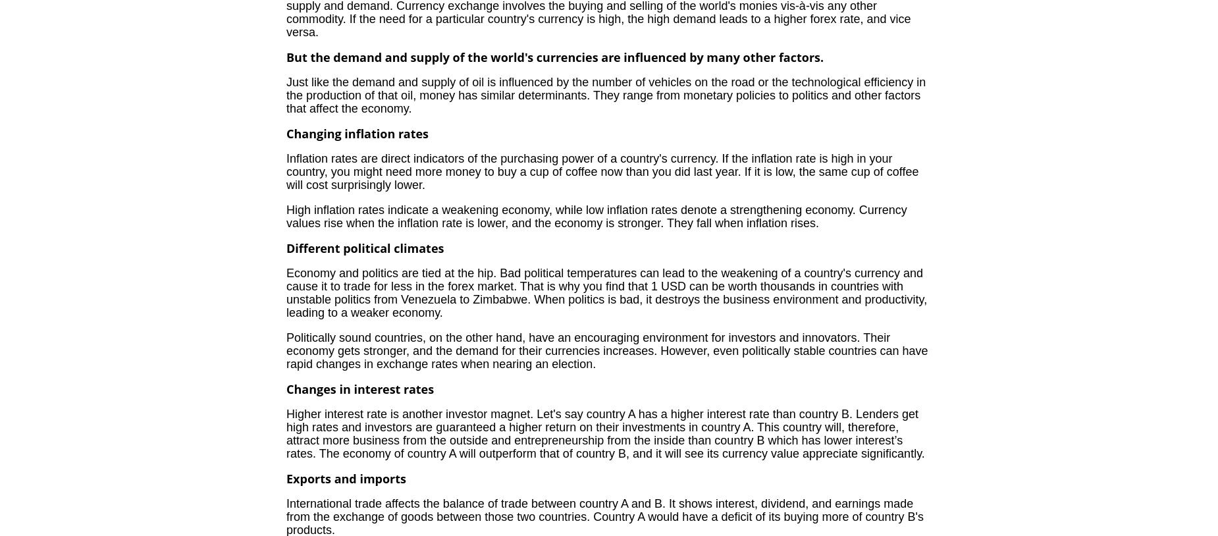 This screenshot has height=536, width=1218. What do you see at coordinates (357, 133) in the screenshot?
I see `'Changing inflation rates'` at bounding box center [357, 133].